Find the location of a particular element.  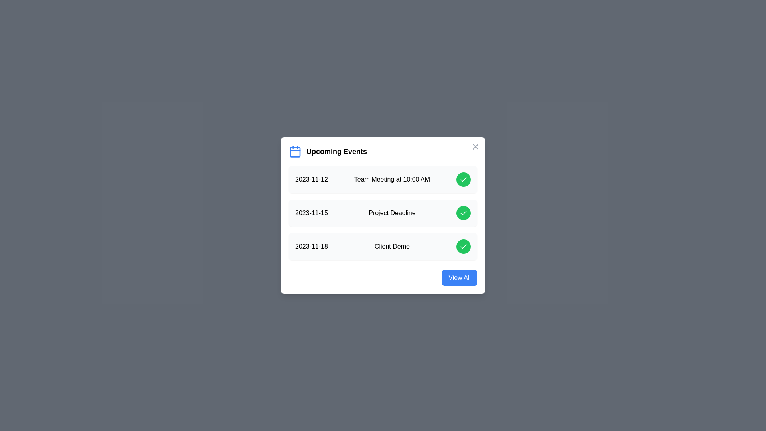

the event row corresponding to 2023-11-12 to inspect its details is located at coordinates (383, 180).